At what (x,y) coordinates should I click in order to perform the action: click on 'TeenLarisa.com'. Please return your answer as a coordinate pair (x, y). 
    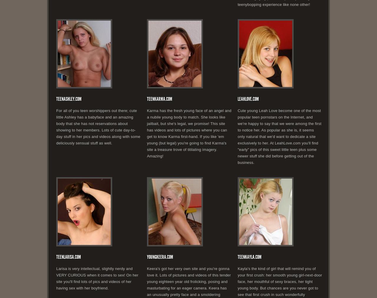
    Looking at the image, I should click on (68, 257).